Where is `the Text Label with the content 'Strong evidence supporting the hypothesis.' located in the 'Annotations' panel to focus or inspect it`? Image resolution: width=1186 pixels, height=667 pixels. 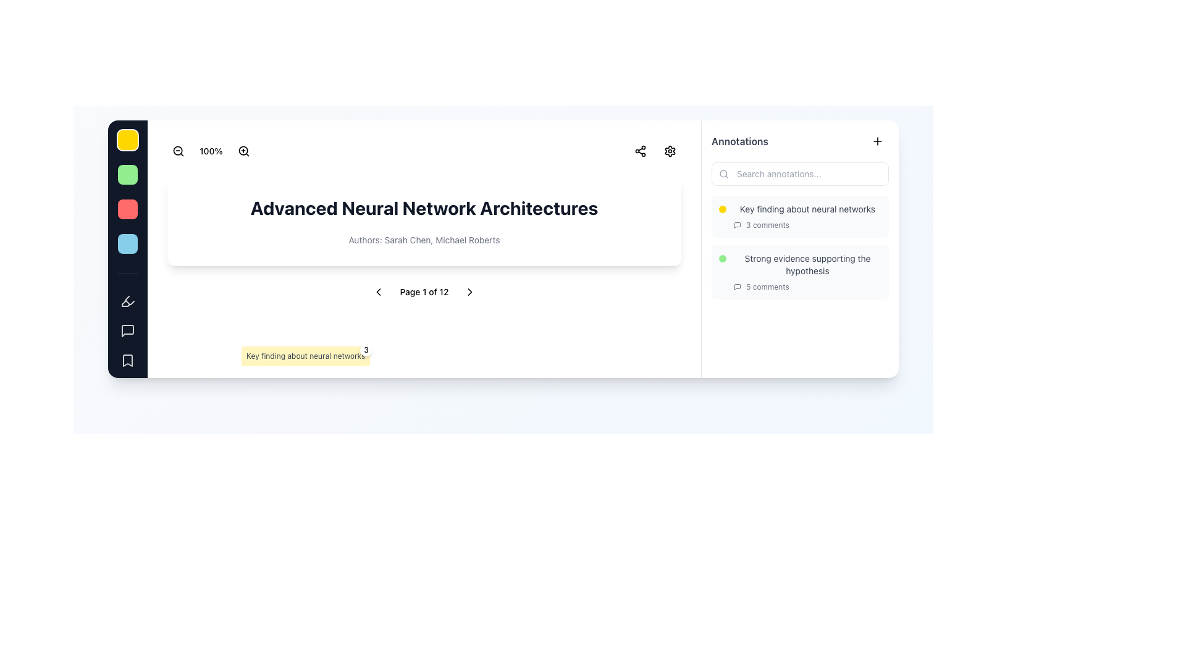
the Text Label with the content 'Strong evidence supporting the hypothesis.' located in the 'Annotations' panel to focus or inspect it is located at coordinates (807, 264).